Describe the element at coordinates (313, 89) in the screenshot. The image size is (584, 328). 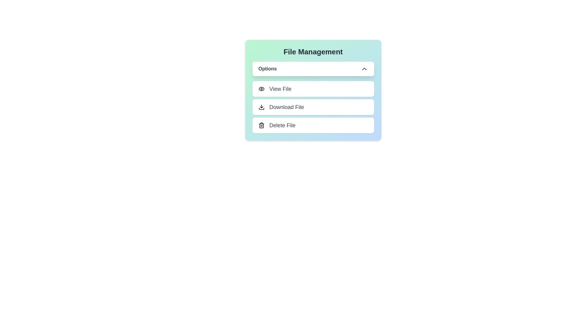
I see `the menu option View File by clicking on it` at that location.